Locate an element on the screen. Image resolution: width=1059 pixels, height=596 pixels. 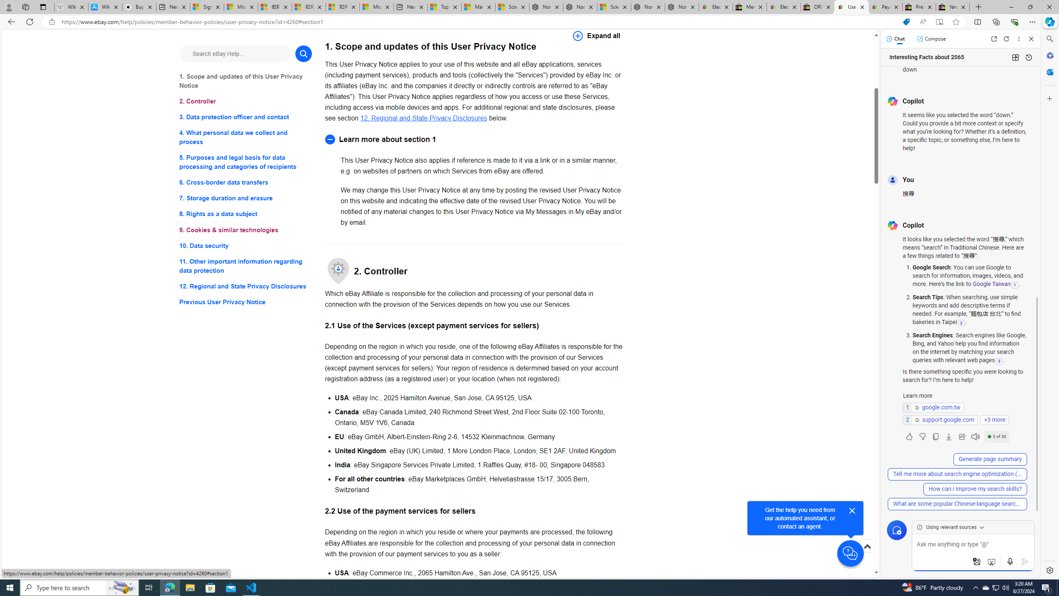
'3. Data protection officer and contact' is located at coordinates (245, 117).